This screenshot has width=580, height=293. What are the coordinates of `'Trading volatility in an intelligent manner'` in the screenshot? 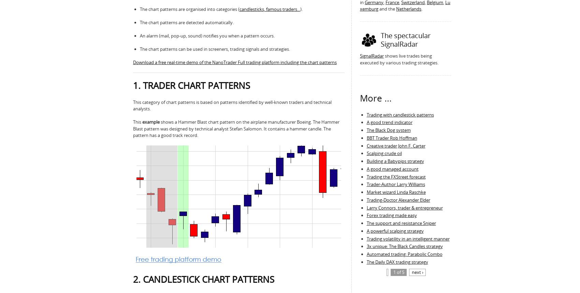 It's located at (366, 238).